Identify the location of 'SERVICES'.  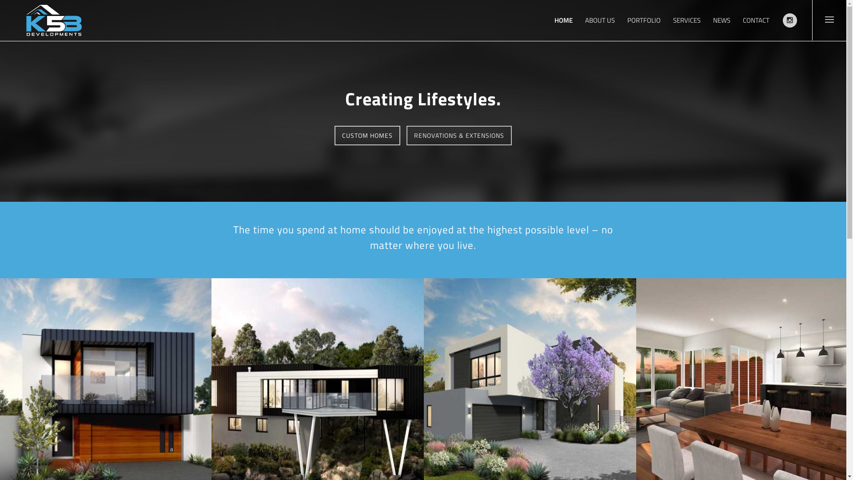
(686, 20).